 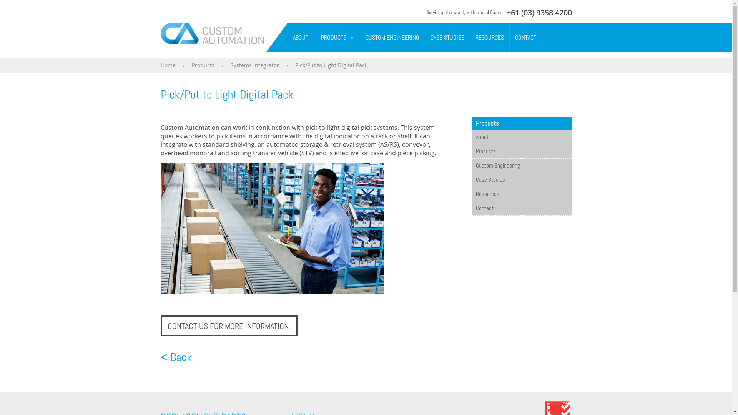 I want to click on 'CONTACT US FOR MORE INFORMATION.', so click(x=228, y=326).